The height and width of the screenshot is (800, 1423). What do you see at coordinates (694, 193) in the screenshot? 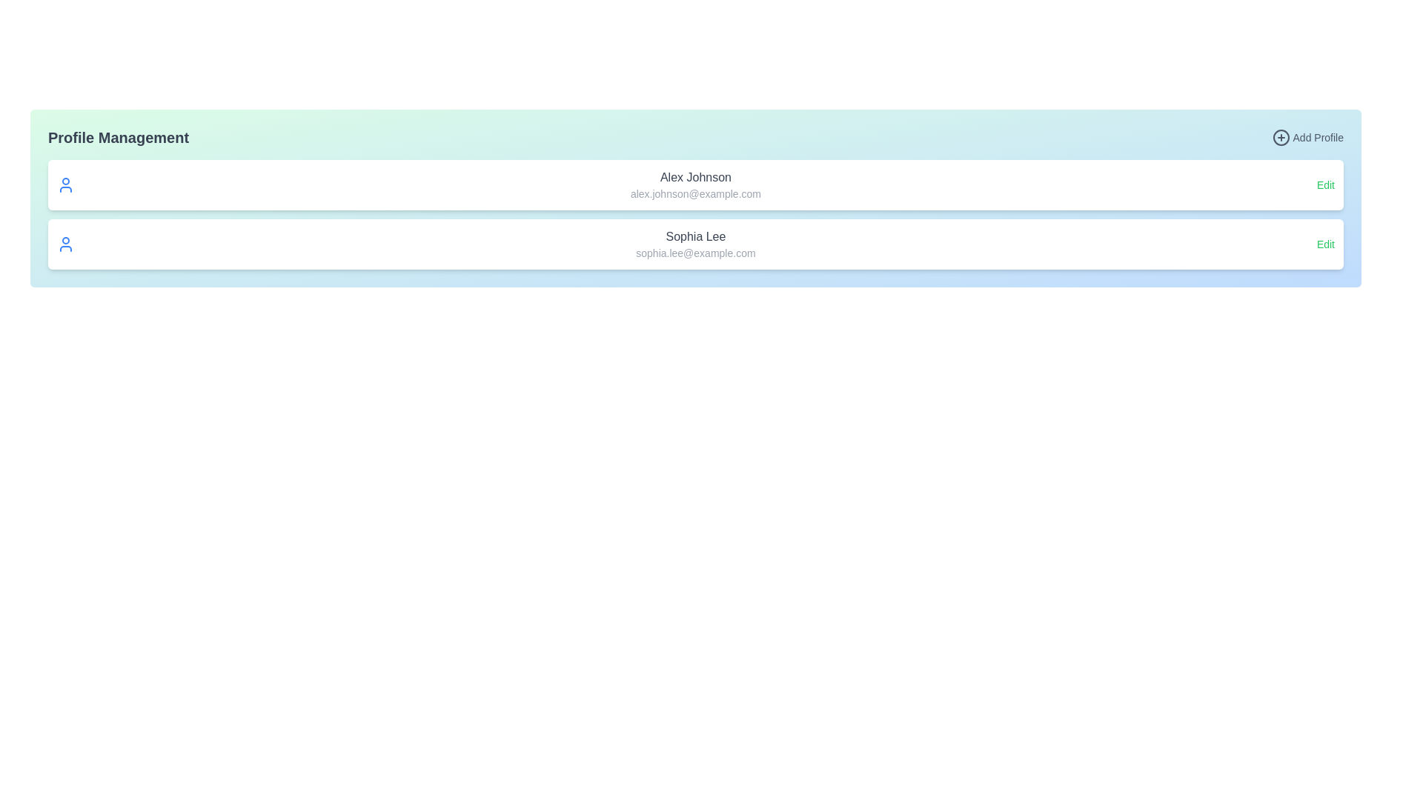
I see `the text label displaying the email address 'alex.johnson@example.com', which is styled in a smaller, gray-colored font and is positioned below the 'Alex Johnson' text` at bounding box center [694, 193].